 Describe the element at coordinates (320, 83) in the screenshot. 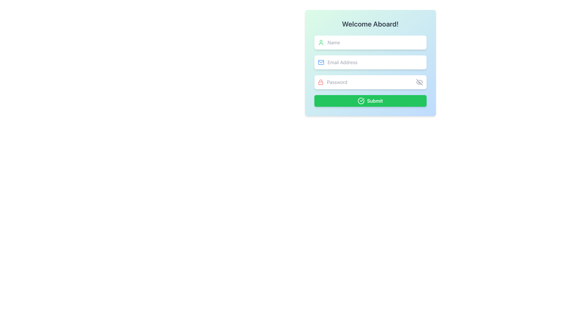

I see `the small rectangle with rounded corners located within the lock icon of the password input field, which is the third input field under the 'Welcome Aboard!' banner` at that location.